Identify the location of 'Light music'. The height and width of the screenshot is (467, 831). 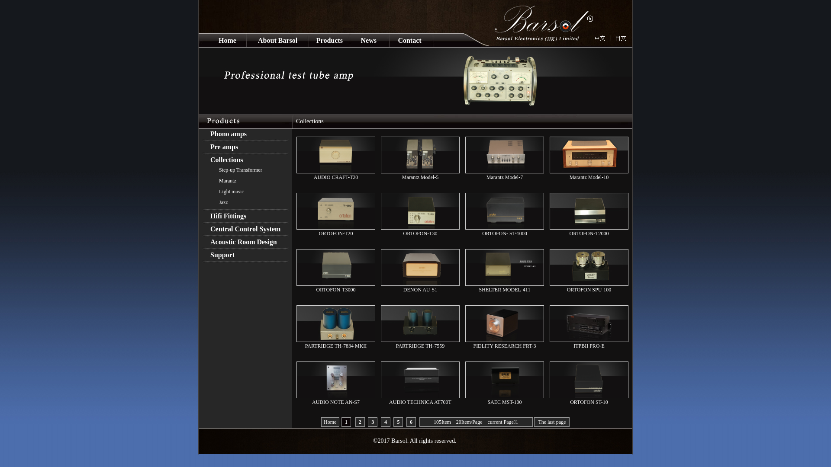
(198, 191).